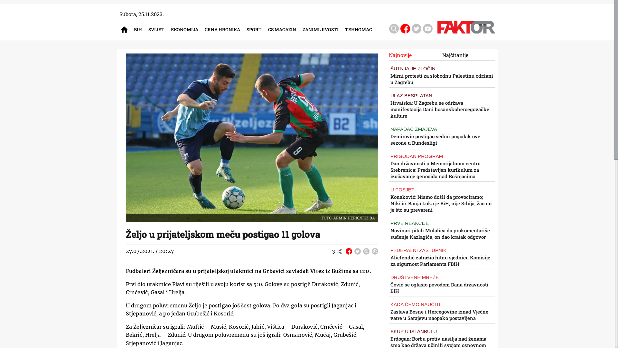 The height and width of the screenshot is (348, 618). What do you see at coordinates (139, 29) in the screenshot?
I see `'BIH'` at bounding box center [139, 29].